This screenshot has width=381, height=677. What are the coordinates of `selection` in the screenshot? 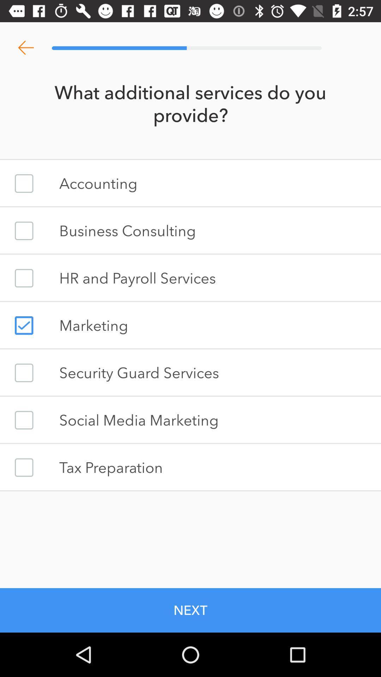 It's located at (24, 325).